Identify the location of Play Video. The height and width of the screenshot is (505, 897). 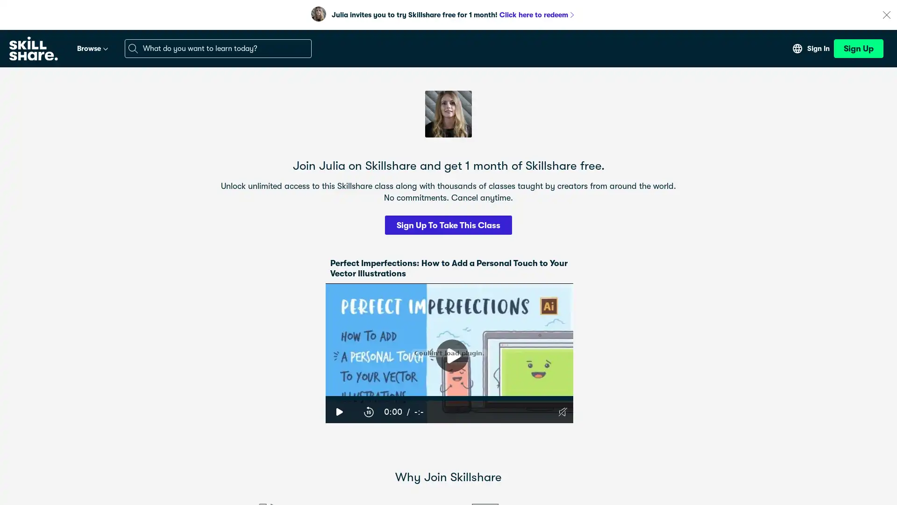
(452, 355).